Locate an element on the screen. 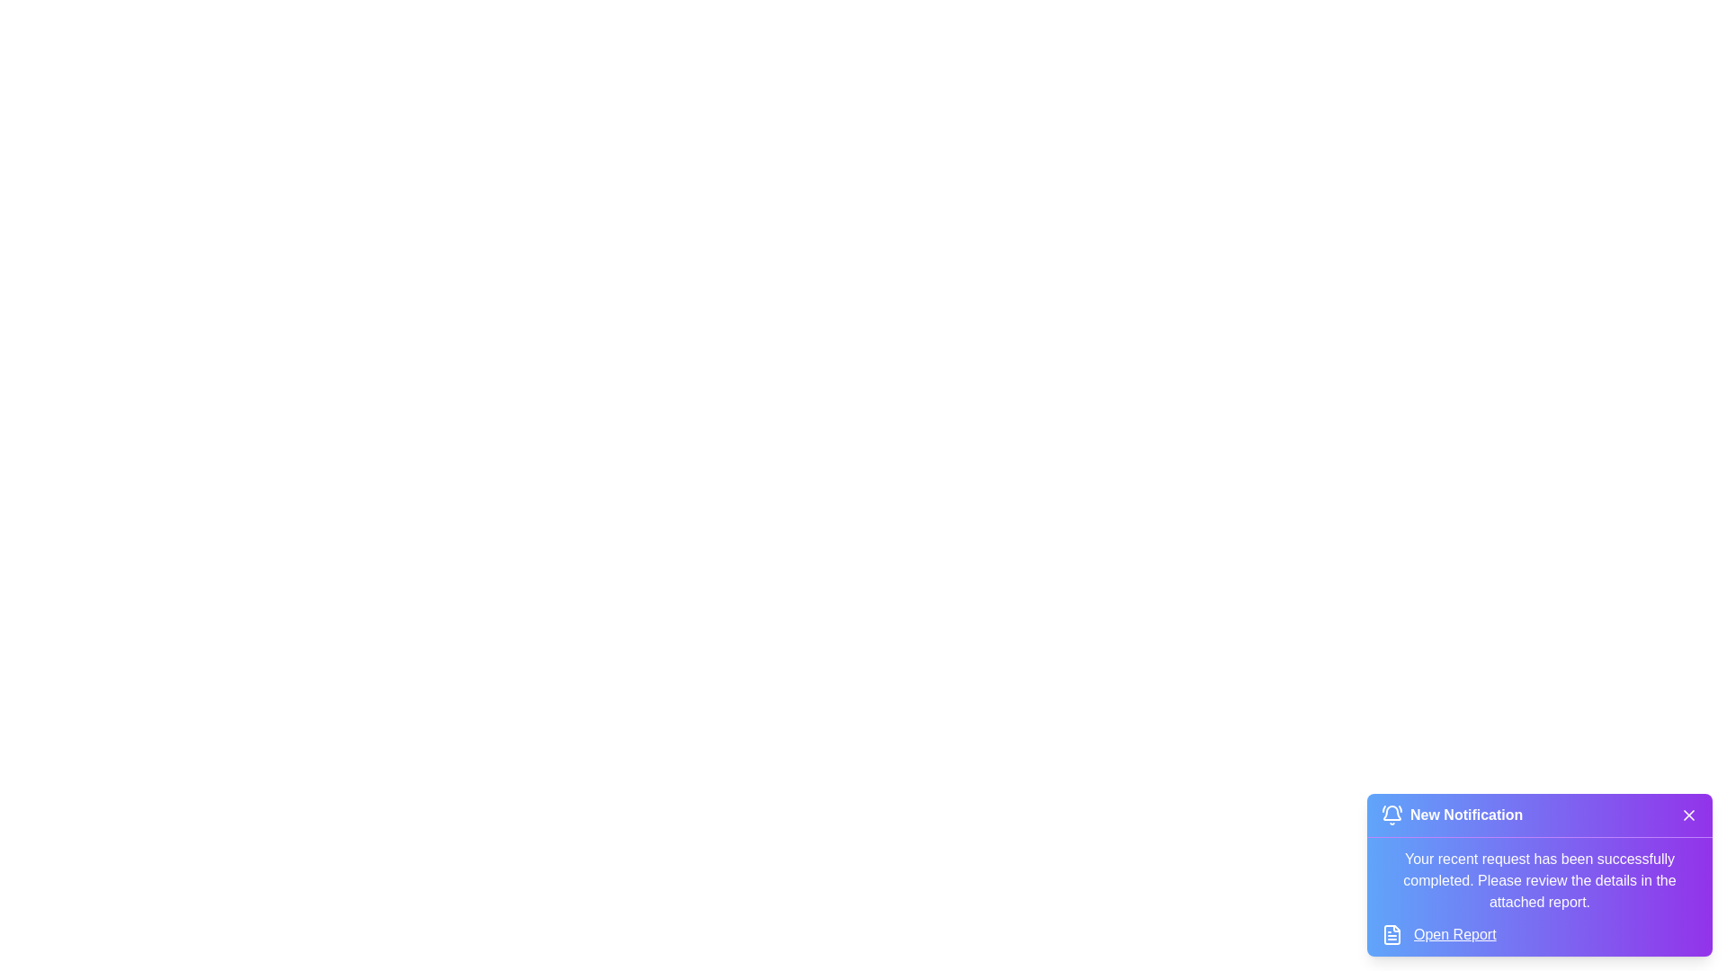  the diagonal line element of the 'X' symbol used for closing the notification popup in the top-right corner of the card is located at coordinates (1687, 815).